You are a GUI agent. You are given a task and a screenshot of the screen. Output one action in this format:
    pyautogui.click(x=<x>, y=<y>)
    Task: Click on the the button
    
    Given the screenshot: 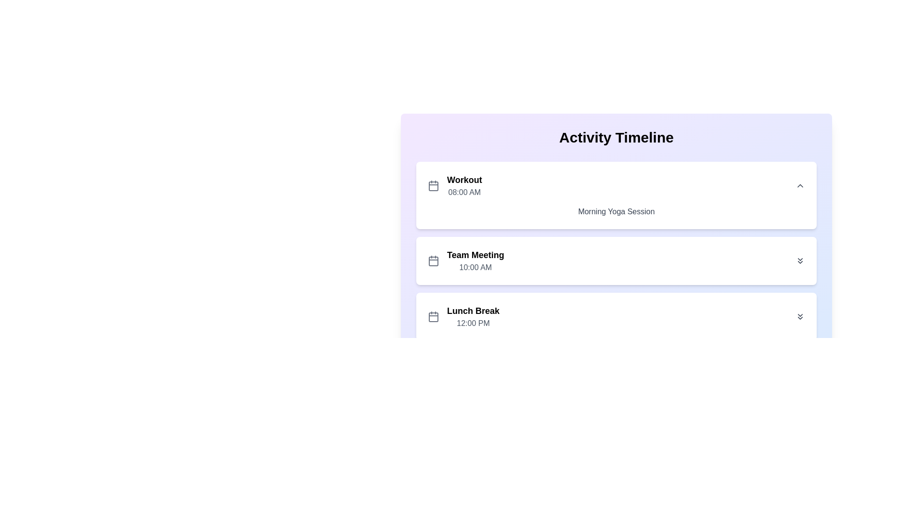 What is the action you would take?
    pyautogui.click(x=800, y=317)
    